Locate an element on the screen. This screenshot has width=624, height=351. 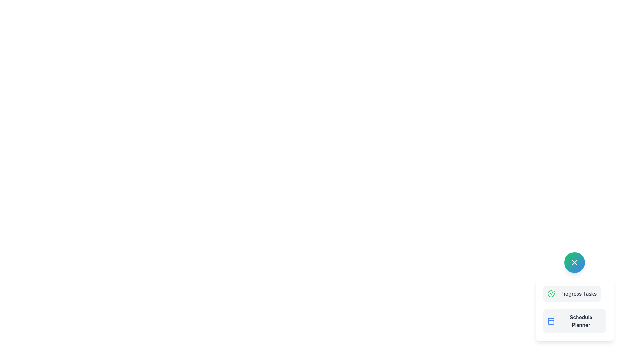
the circular close button with a white 'X' icon, which has a gradient fill from green to blue, to observe its hover animation is located at coordinates (574, 262).